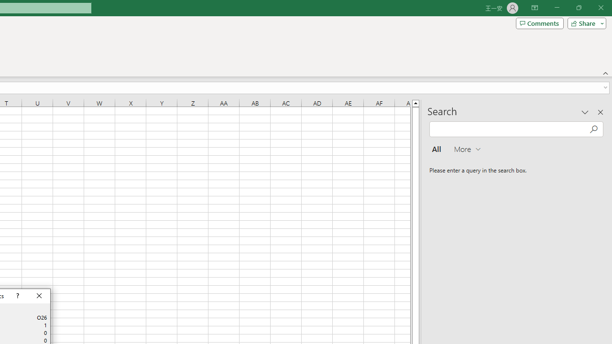  Describe the element at coordinates (539, 22) in the screenshot. I see `'Comments'` at that location.